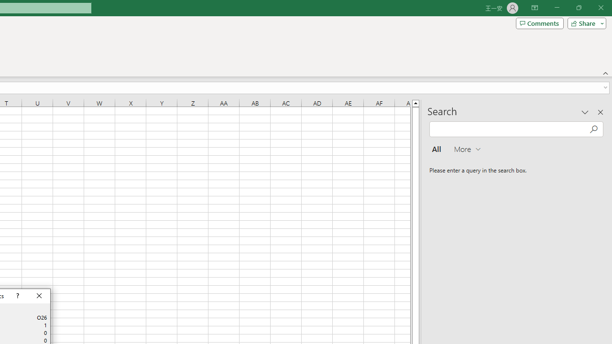  Describe the element at coordinates (539, 22) in the screenshot. I see `'Comments'` at that location.